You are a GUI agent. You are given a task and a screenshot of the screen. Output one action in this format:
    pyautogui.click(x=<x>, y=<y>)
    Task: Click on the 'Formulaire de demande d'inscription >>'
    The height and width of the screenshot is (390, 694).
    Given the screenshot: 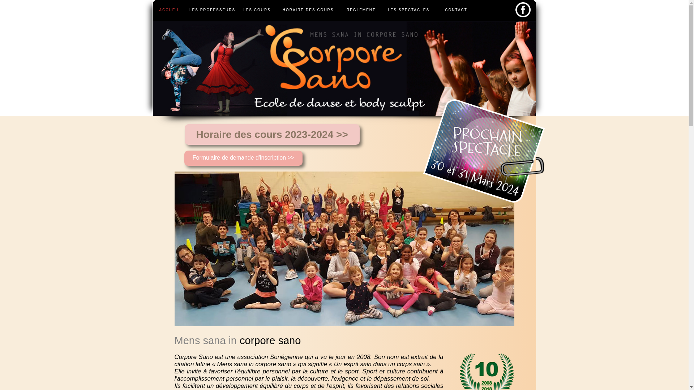 What is the action you would take?
    pyautogui.click(x=243, y=158)
    